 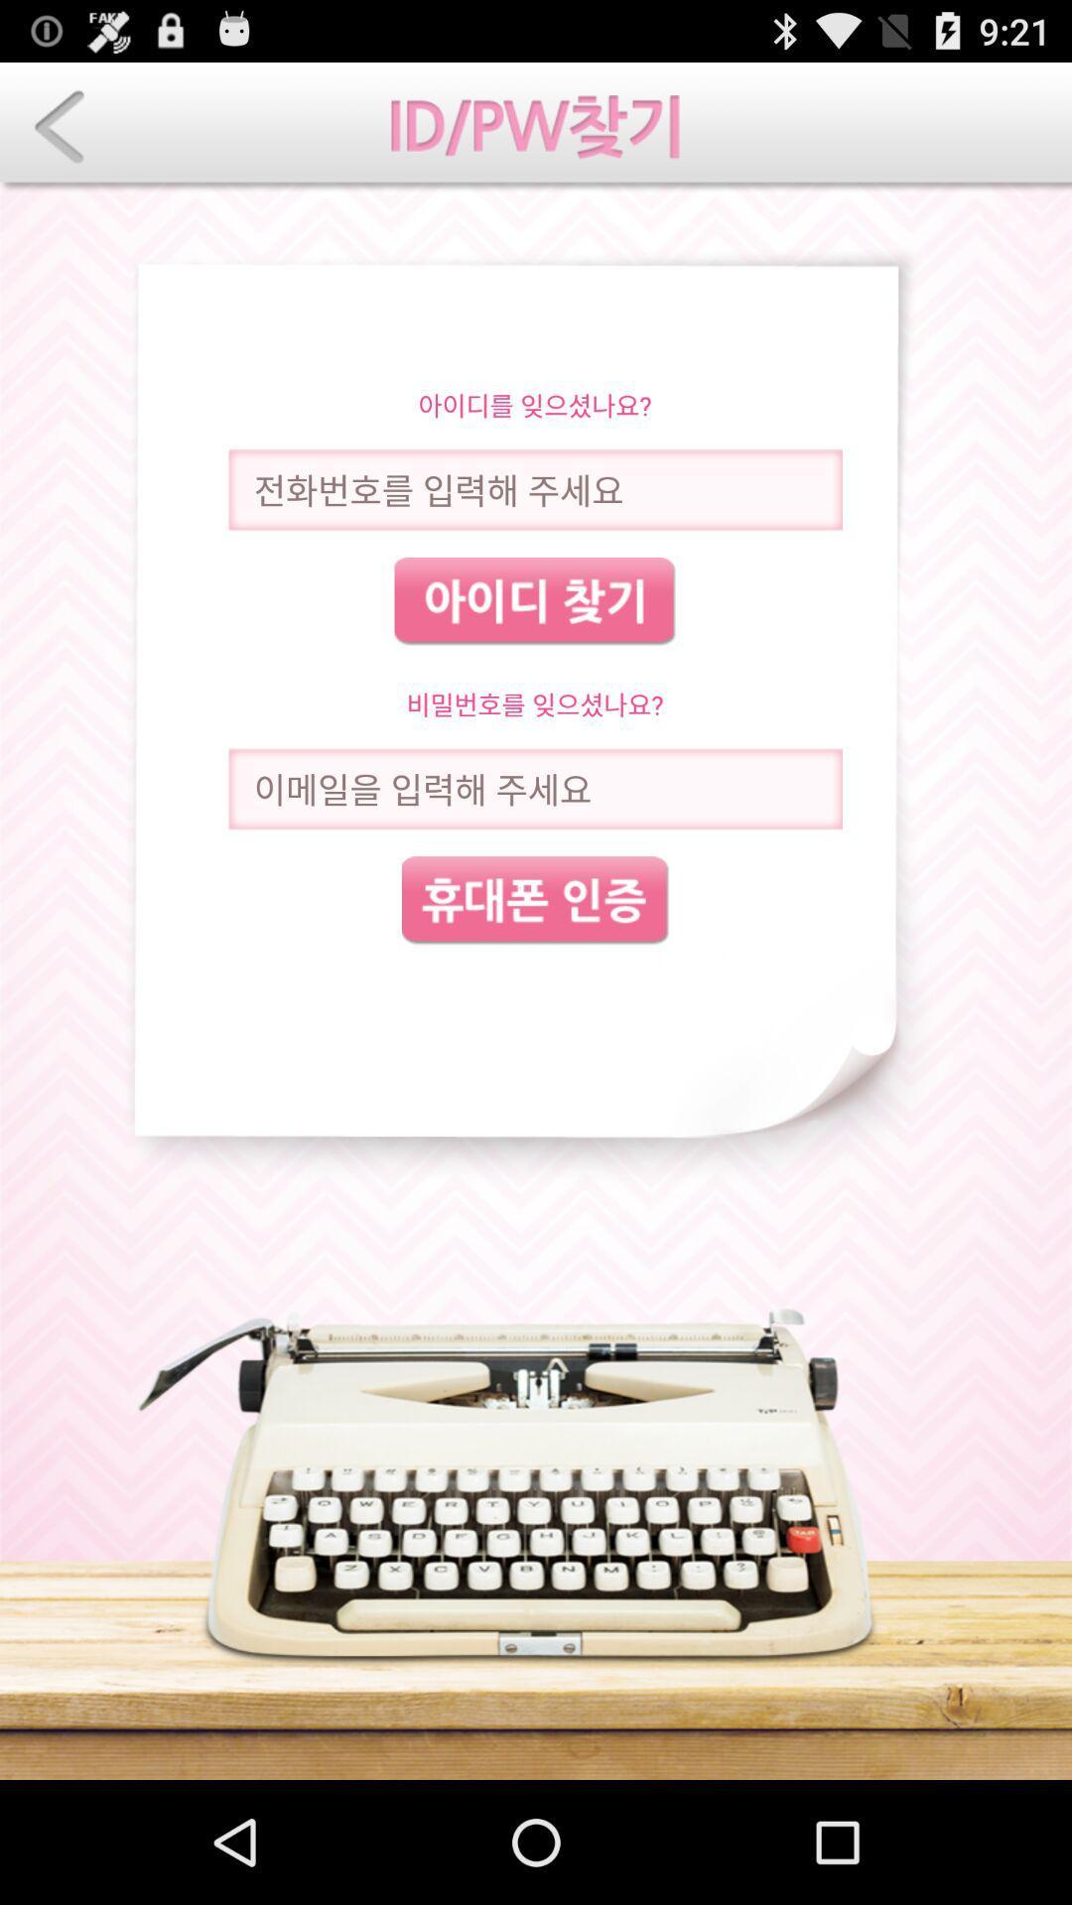 What do you see at coordinates (59, 126) in the screenshot?
I see `page back` at bounding box center [59, 126].